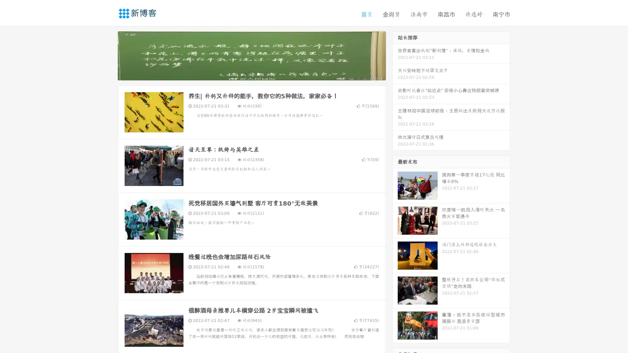  What do you see at coordinates (251, 74) in the screenshot?
I see `Go to slide 2` at bounding box center [251, 74].